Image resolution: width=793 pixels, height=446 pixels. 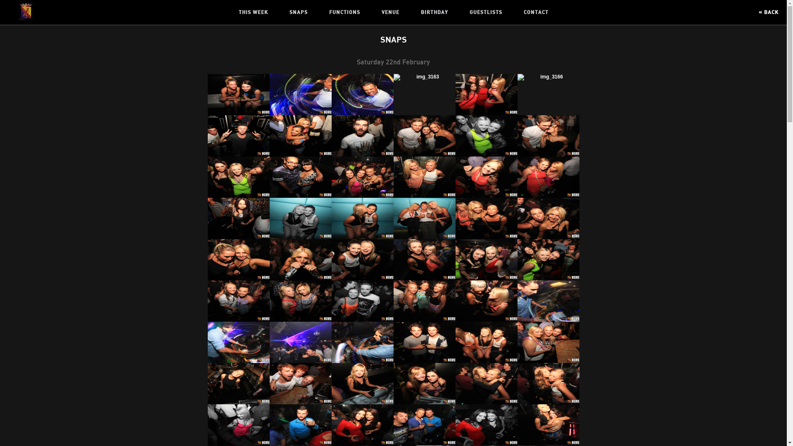 What do you see at coordinates (424, 218) in the screenshot?
I see `' '` at bounding box center [424, 218].